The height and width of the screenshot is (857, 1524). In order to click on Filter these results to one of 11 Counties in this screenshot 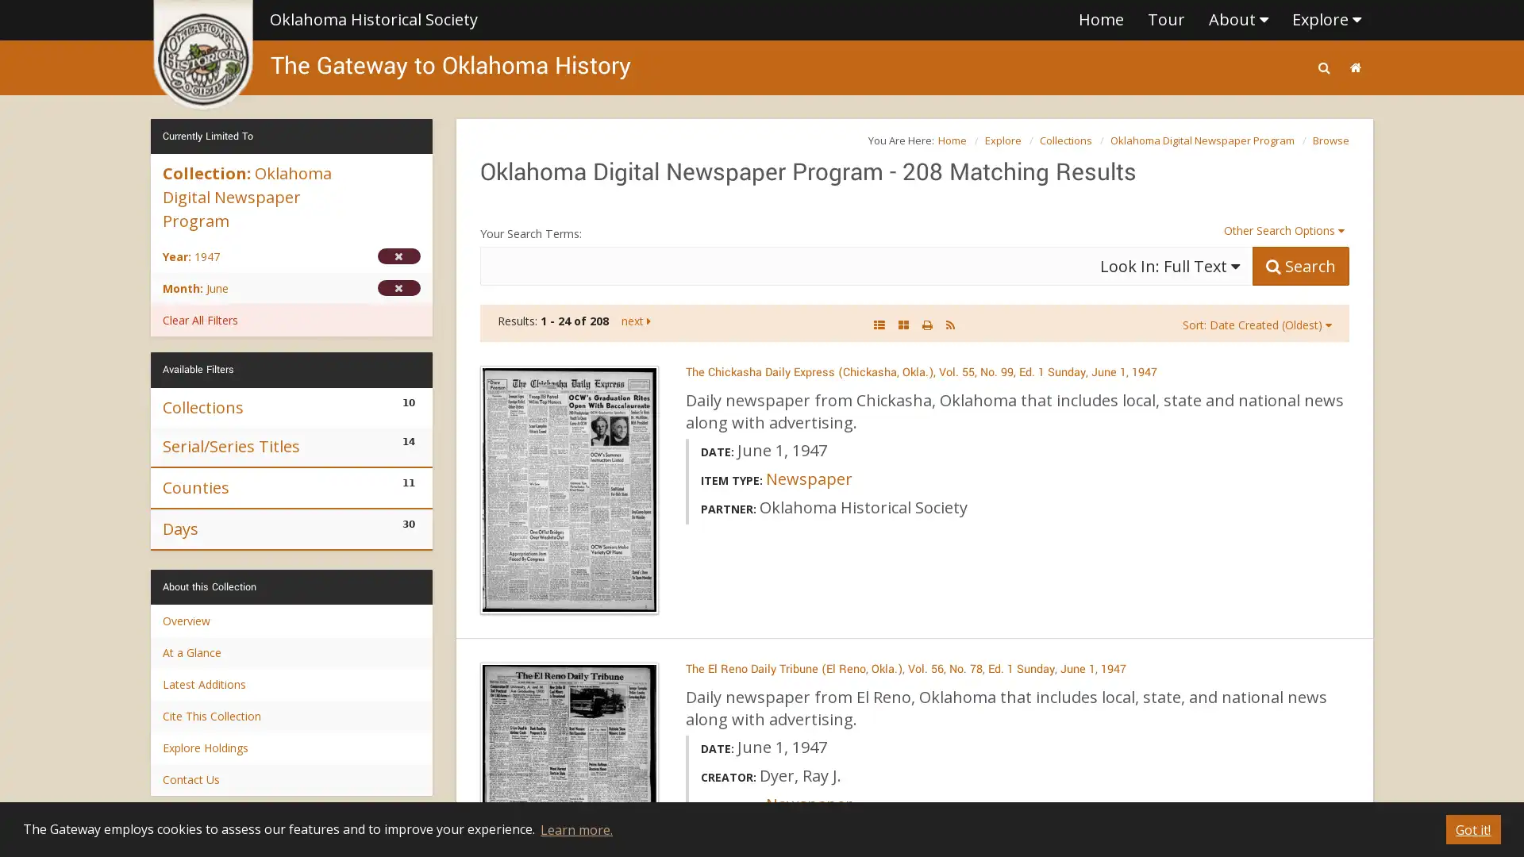, I will do `click(291, 486)`.